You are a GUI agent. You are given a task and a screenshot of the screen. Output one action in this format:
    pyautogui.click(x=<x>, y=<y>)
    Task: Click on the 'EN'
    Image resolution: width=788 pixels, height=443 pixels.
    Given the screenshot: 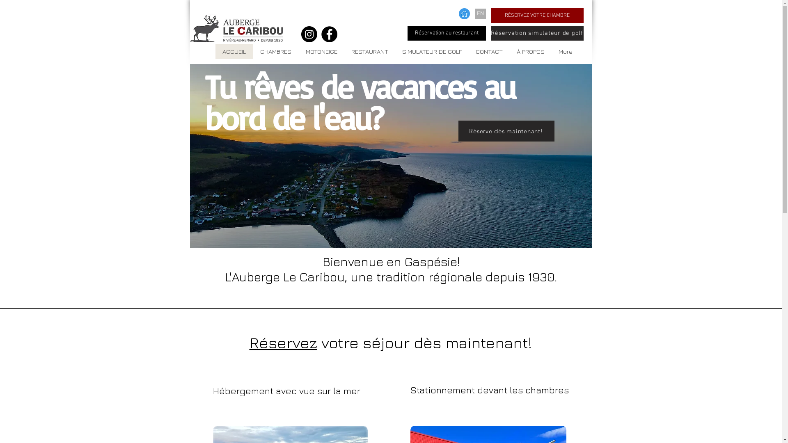 What is the action you would take?
    pyautogui.click(x=481, y=14)
    